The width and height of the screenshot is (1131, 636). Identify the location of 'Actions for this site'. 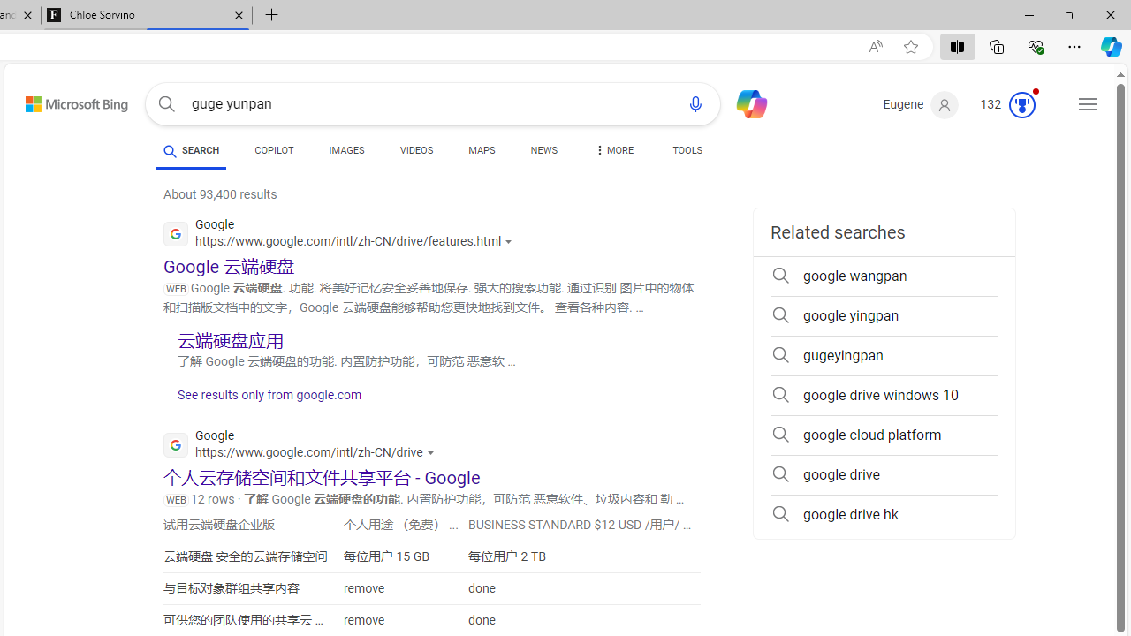
(432, 452).